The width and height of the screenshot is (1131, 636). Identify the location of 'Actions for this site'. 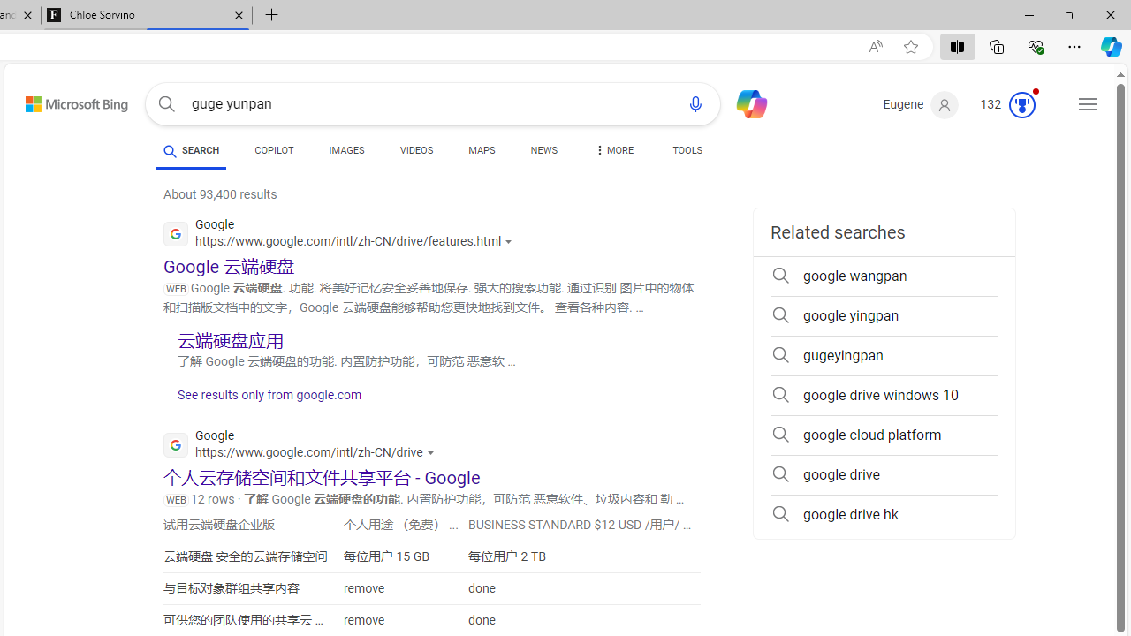
(432, 452).